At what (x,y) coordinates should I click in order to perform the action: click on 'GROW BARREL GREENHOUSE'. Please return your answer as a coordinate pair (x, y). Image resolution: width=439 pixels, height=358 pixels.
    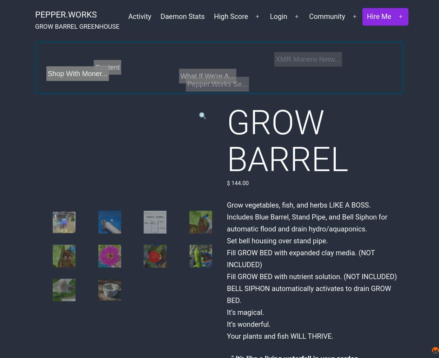
    Looking at the image, I should click on (77, 26).